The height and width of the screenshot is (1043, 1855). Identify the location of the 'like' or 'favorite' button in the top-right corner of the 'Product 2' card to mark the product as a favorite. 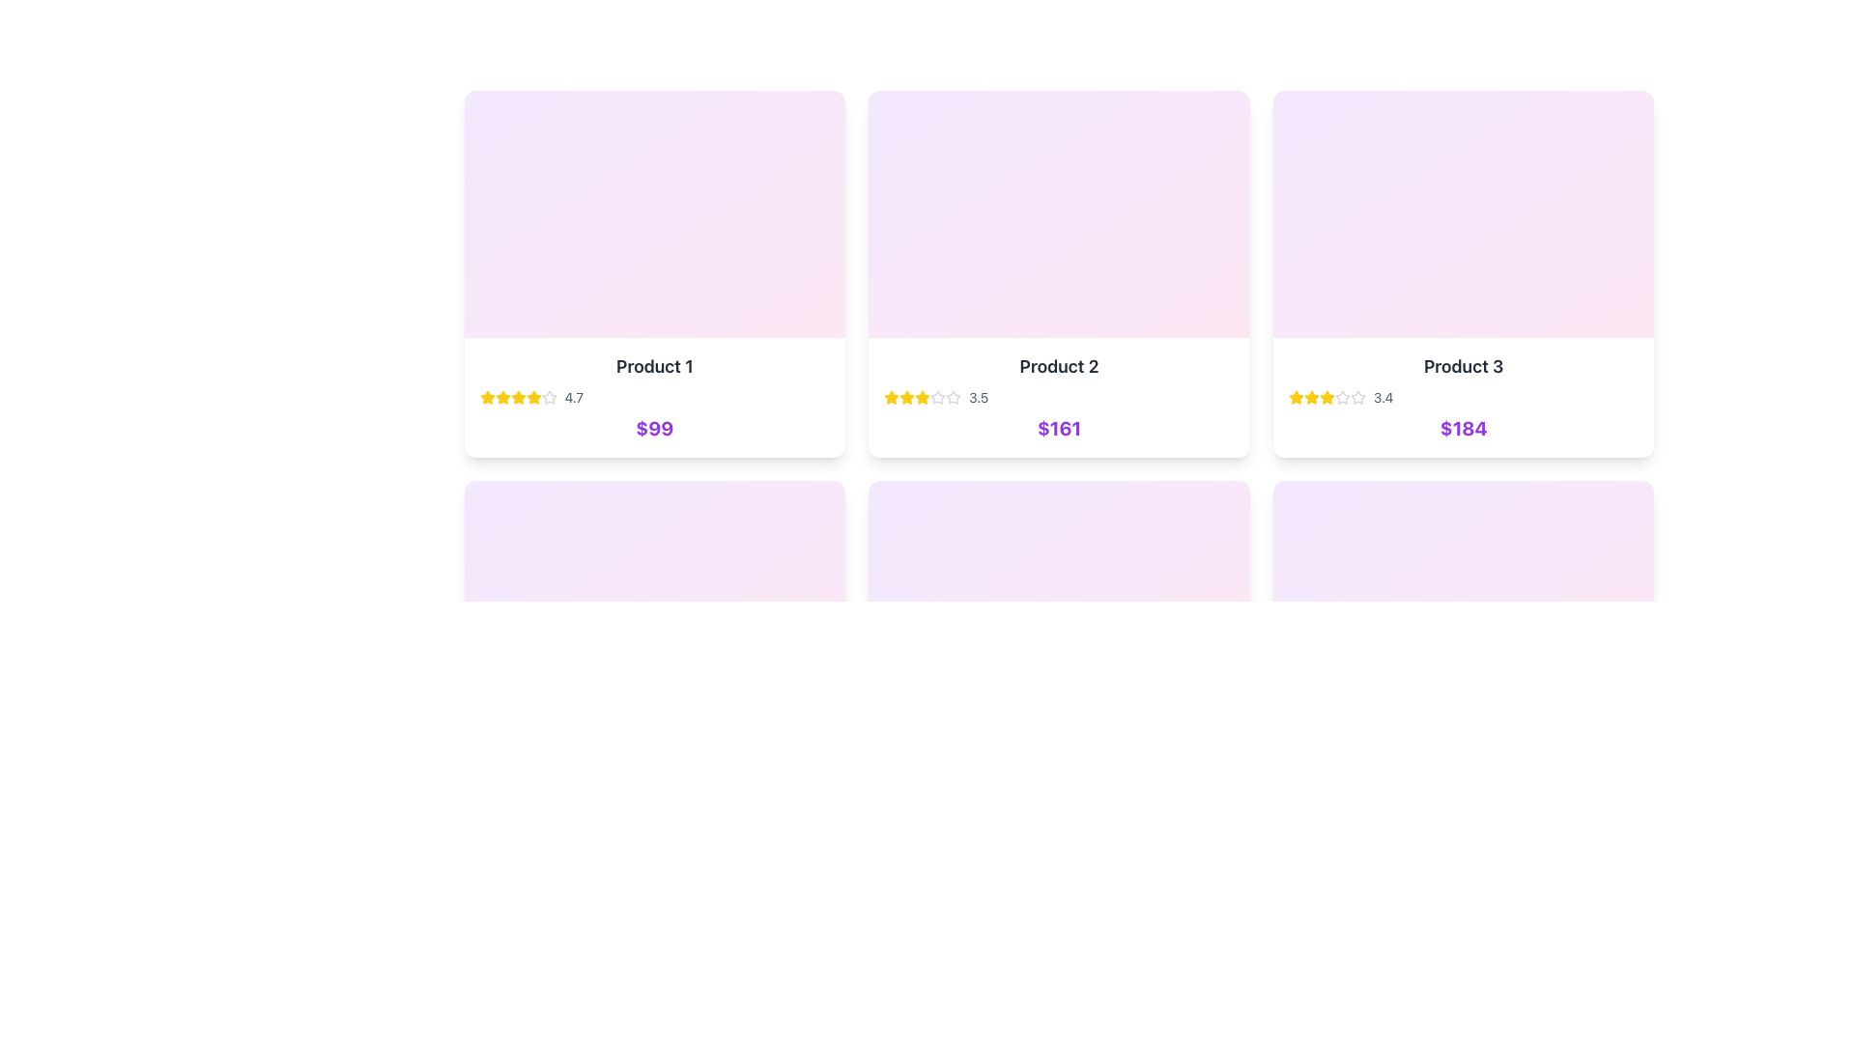
(1198, 119).